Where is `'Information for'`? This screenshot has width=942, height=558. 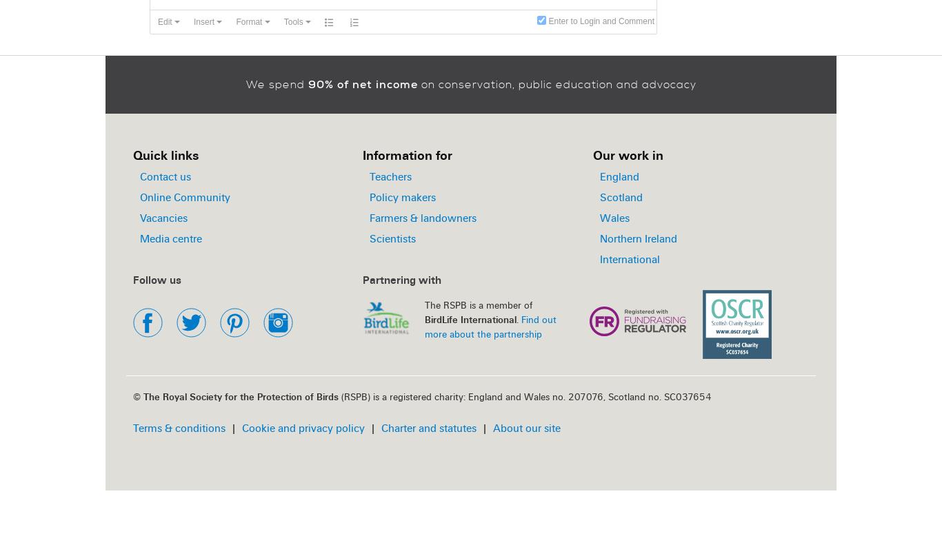
'Information for' is located at coordinates (407, 154).